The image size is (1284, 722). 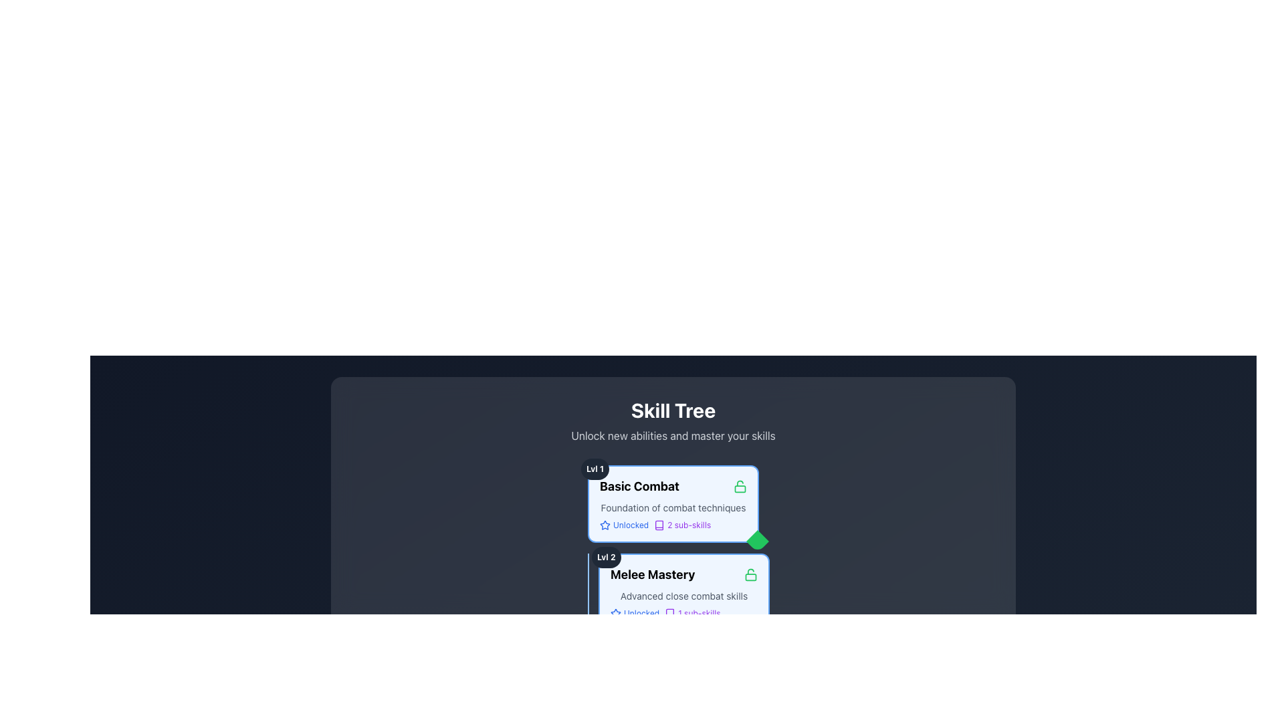 What do you see at coordinates (659, 525) in the screenshot?
I see `the icon representing the skill category in the skill tree UI, located near the text describing 'Basic Combat'` at bounding box center [659, 525].